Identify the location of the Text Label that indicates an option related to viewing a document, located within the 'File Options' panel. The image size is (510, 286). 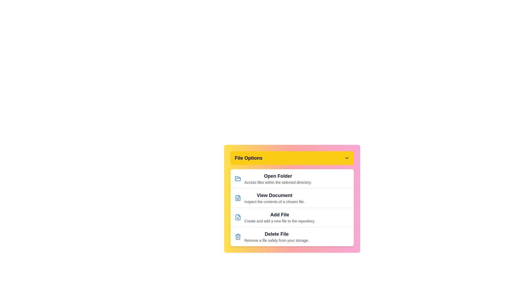
(274, 195).